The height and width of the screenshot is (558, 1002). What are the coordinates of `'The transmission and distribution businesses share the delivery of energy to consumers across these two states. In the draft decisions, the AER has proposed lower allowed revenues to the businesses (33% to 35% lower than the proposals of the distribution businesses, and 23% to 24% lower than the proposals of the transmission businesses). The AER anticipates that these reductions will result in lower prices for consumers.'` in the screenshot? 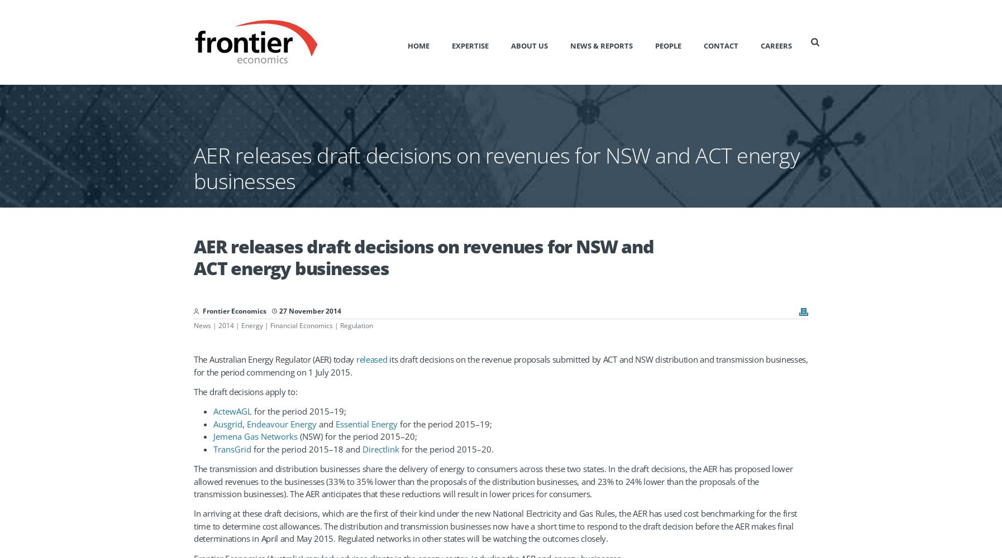 It's located at (193, 480).